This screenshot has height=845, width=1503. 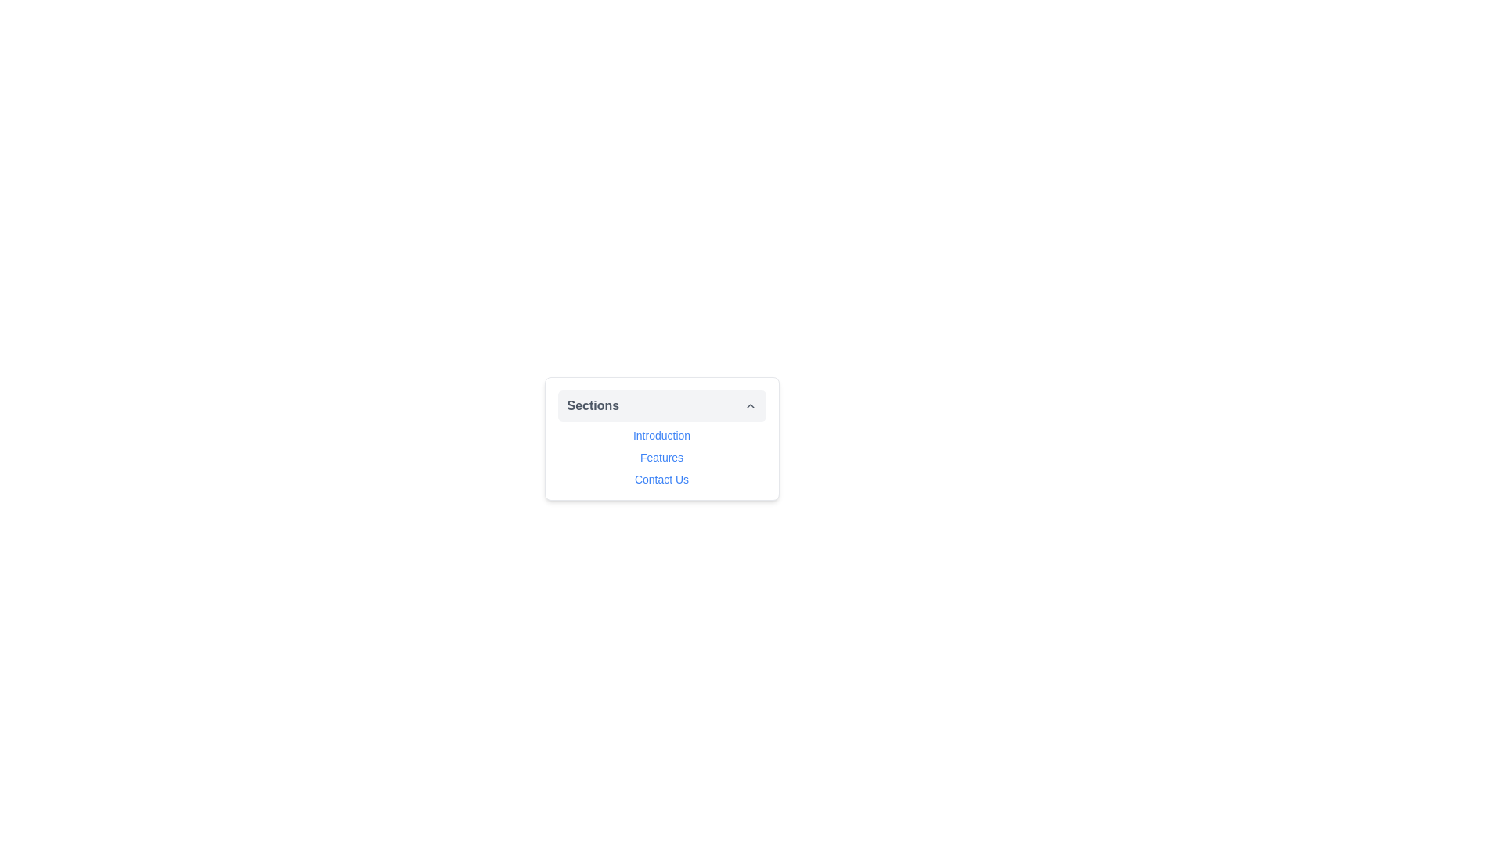 I want to click on the 'Features' navigational label, which is the second item in the menu under 'Sections', so click(x=661, y=458).